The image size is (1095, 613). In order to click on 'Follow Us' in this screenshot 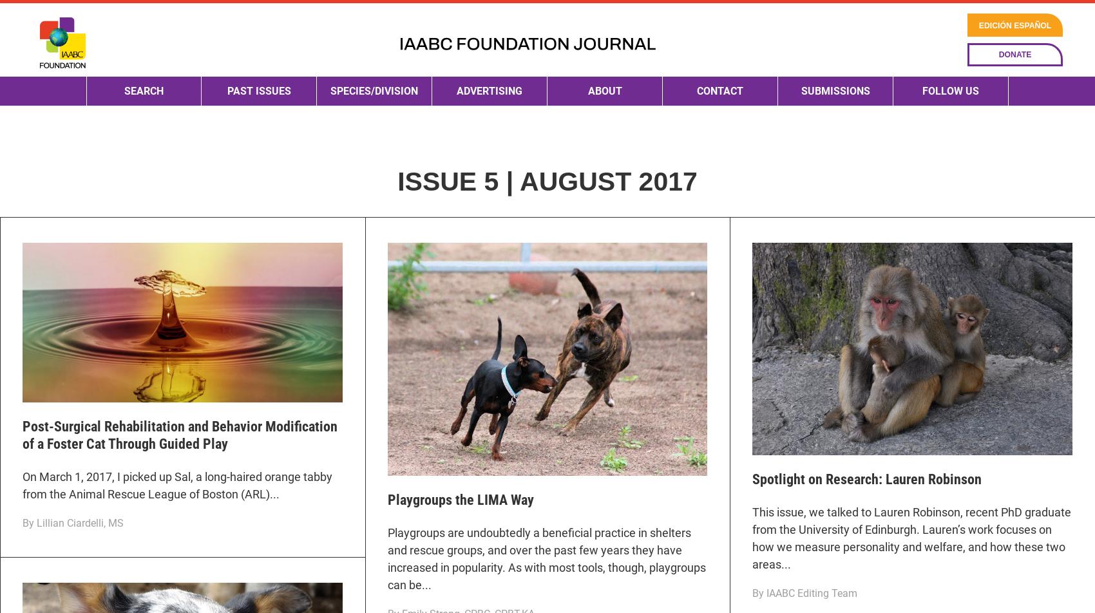, I will do `click(949, 135)`.